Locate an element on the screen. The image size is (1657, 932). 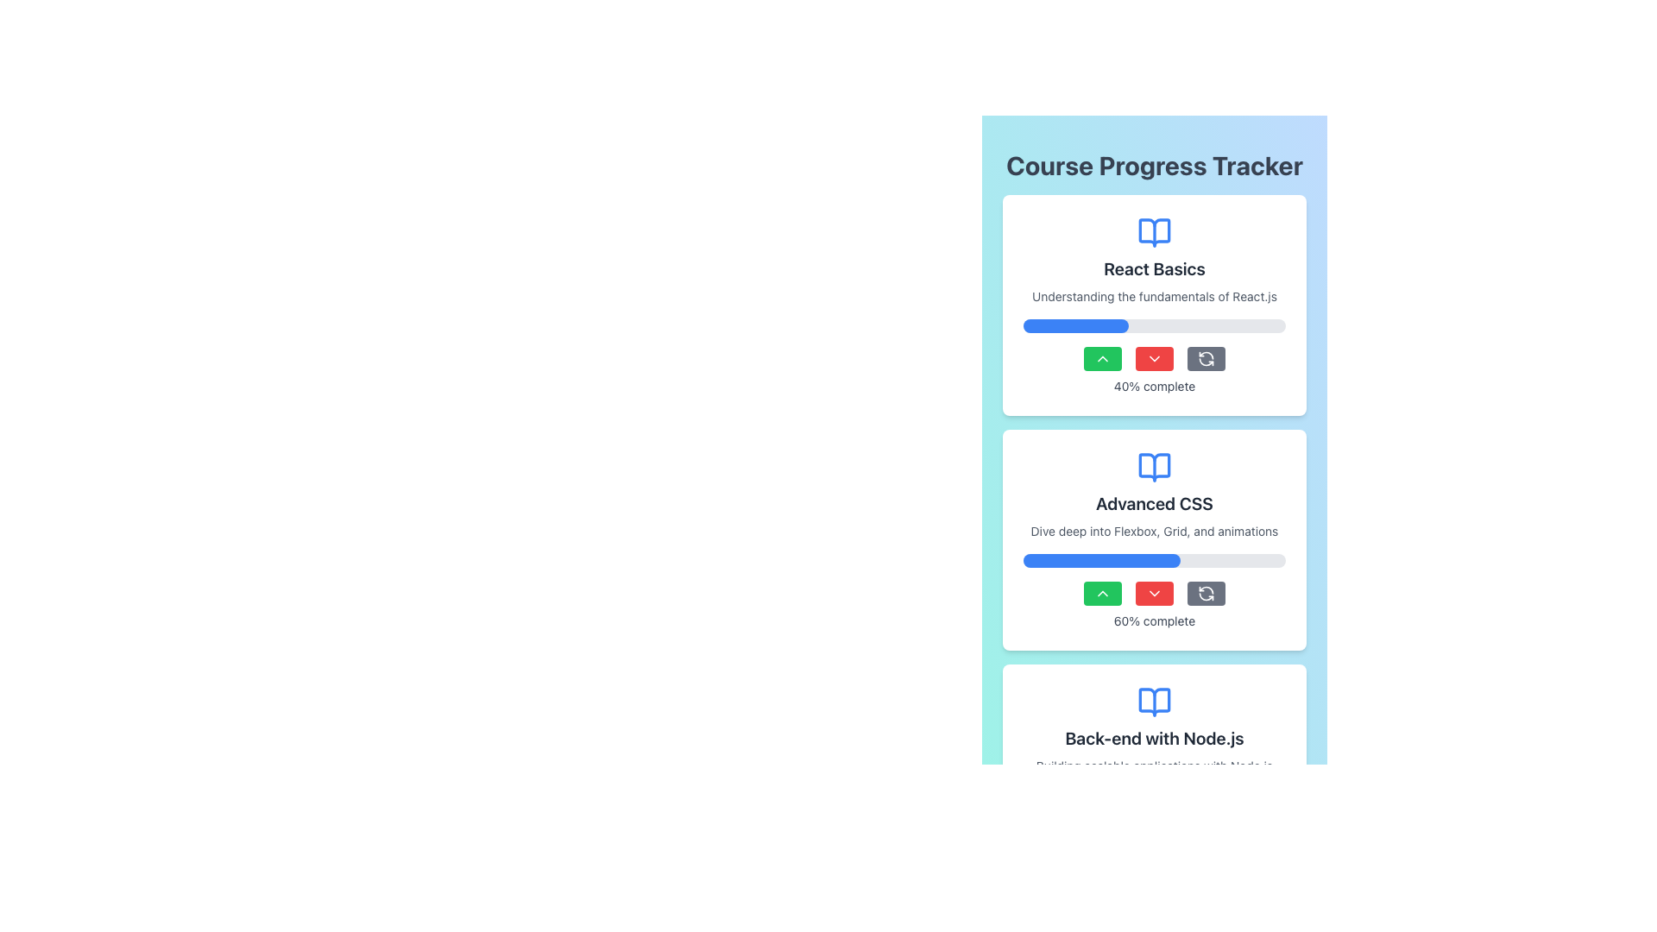
the upward chevron icon button with a green background is located at coordinates (1101, 592).